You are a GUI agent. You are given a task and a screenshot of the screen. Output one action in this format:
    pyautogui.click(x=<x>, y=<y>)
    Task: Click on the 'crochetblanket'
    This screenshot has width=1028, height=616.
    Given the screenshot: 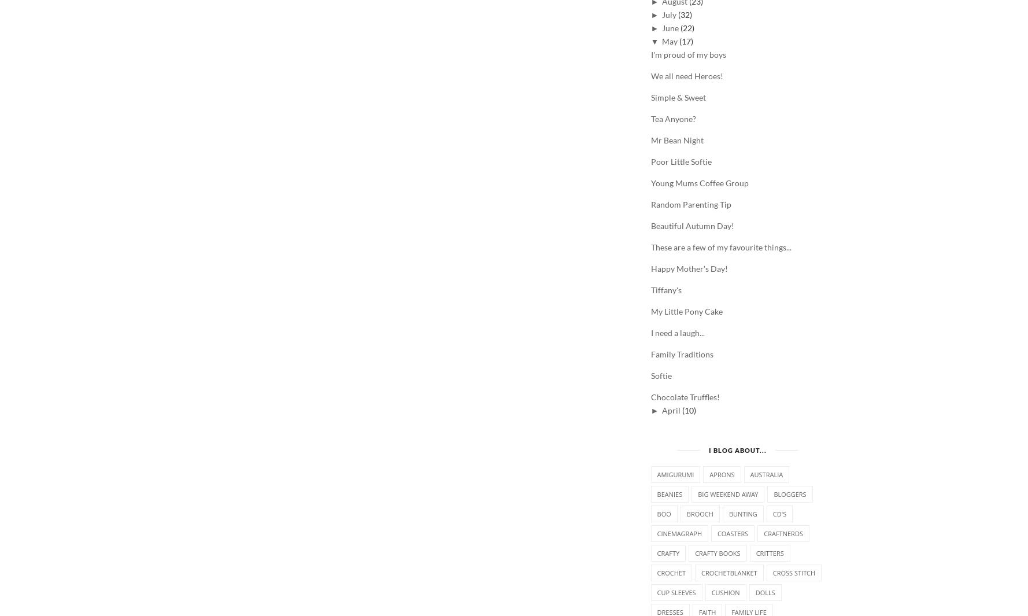 What is the action you would take?
    pyautogui.click(x=728, y=573)
    